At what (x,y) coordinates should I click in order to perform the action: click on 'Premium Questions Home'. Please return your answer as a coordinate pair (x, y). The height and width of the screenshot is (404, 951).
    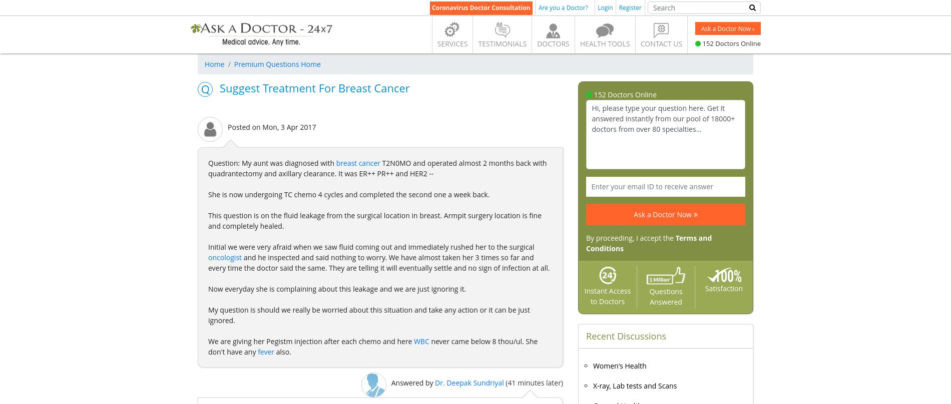
    Looking at the image, I should click on (277, 63).